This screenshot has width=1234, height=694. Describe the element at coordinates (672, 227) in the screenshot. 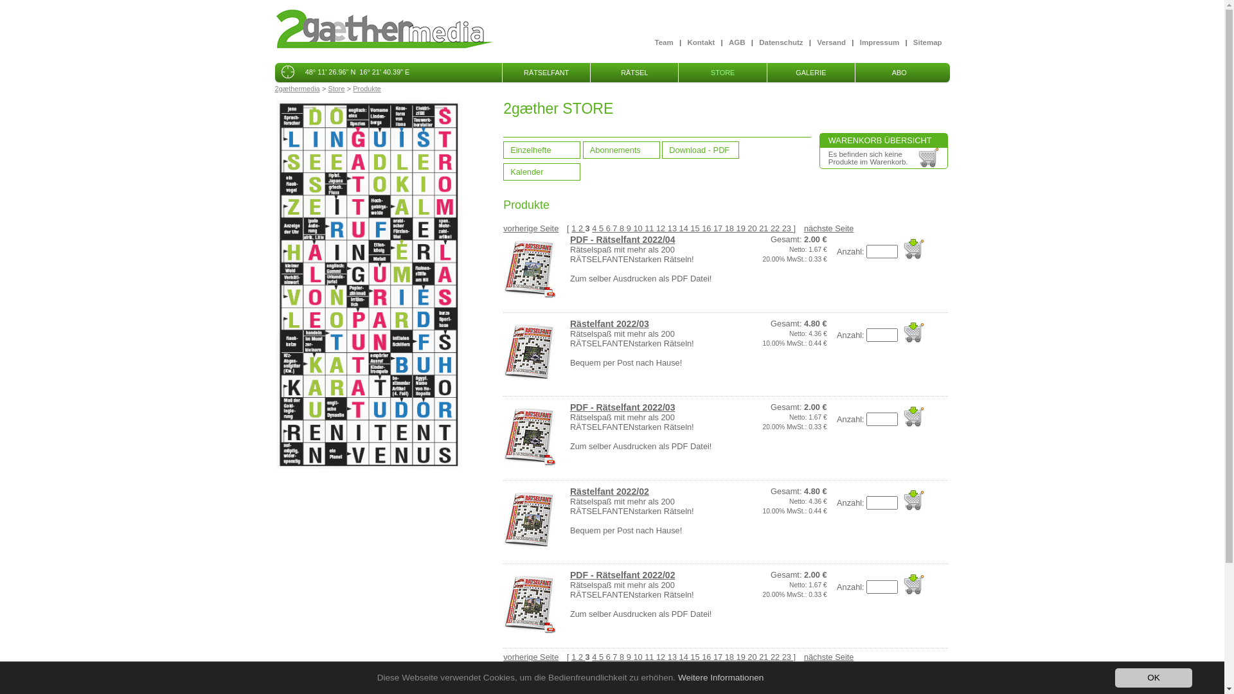

I see `'13'` at that location.